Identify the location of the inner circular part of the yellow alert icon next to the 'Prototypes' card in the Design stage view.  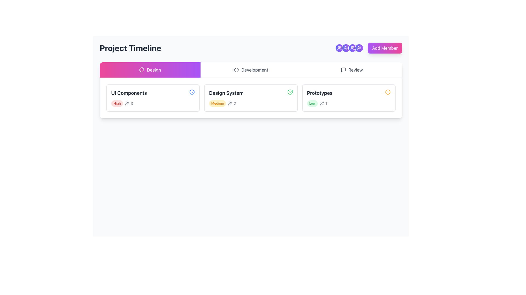
(388, 92).